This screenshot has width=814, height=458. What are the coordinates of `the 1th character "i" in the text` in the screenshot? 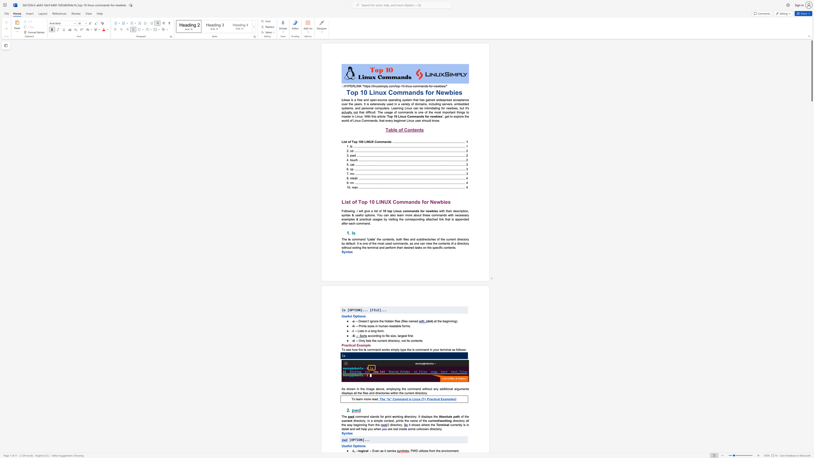 It's located at (396, 211).